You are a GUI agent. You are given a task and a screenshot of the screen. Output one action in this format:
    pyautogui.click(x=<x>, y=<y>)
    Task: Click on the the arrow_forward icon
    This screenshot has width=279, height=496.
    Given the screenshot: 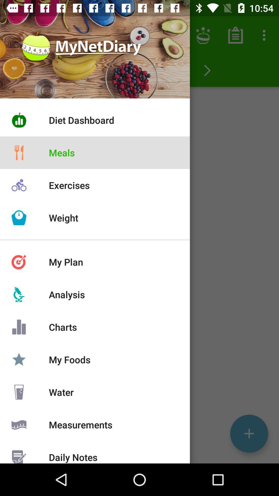 What is the action you would take?
    pyautogui.click(x=207, y=70)
    